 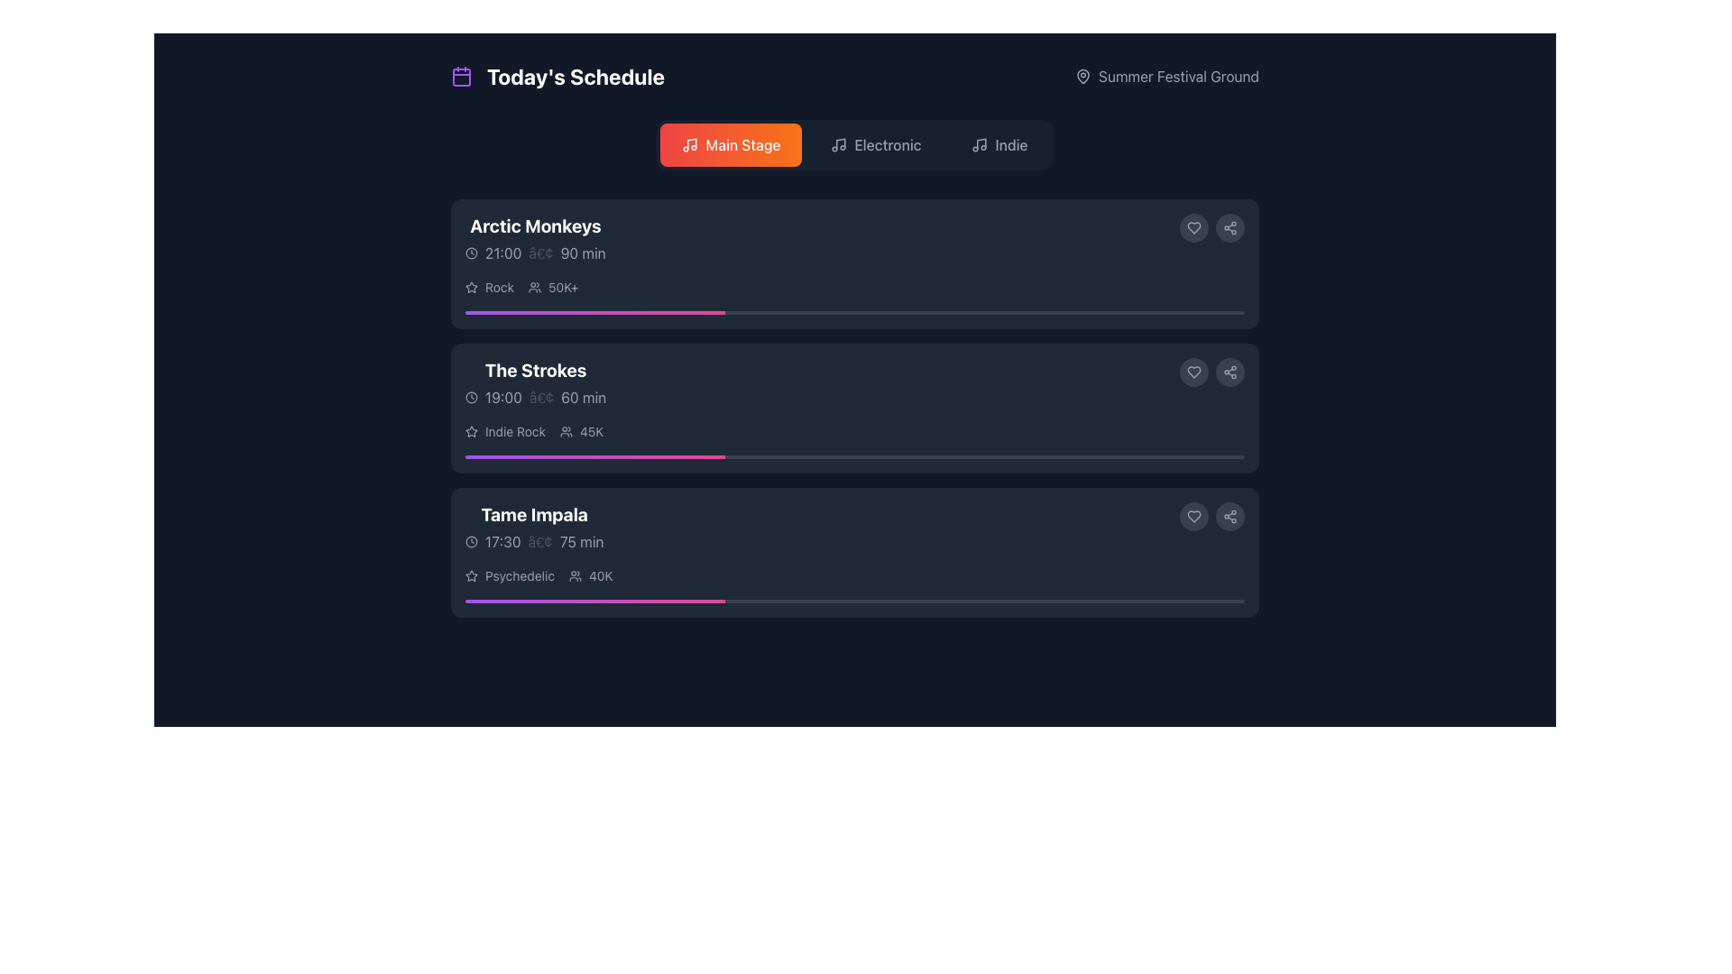 I want to click on the Text Display and Metadata Block, so click(x=533, y=528).